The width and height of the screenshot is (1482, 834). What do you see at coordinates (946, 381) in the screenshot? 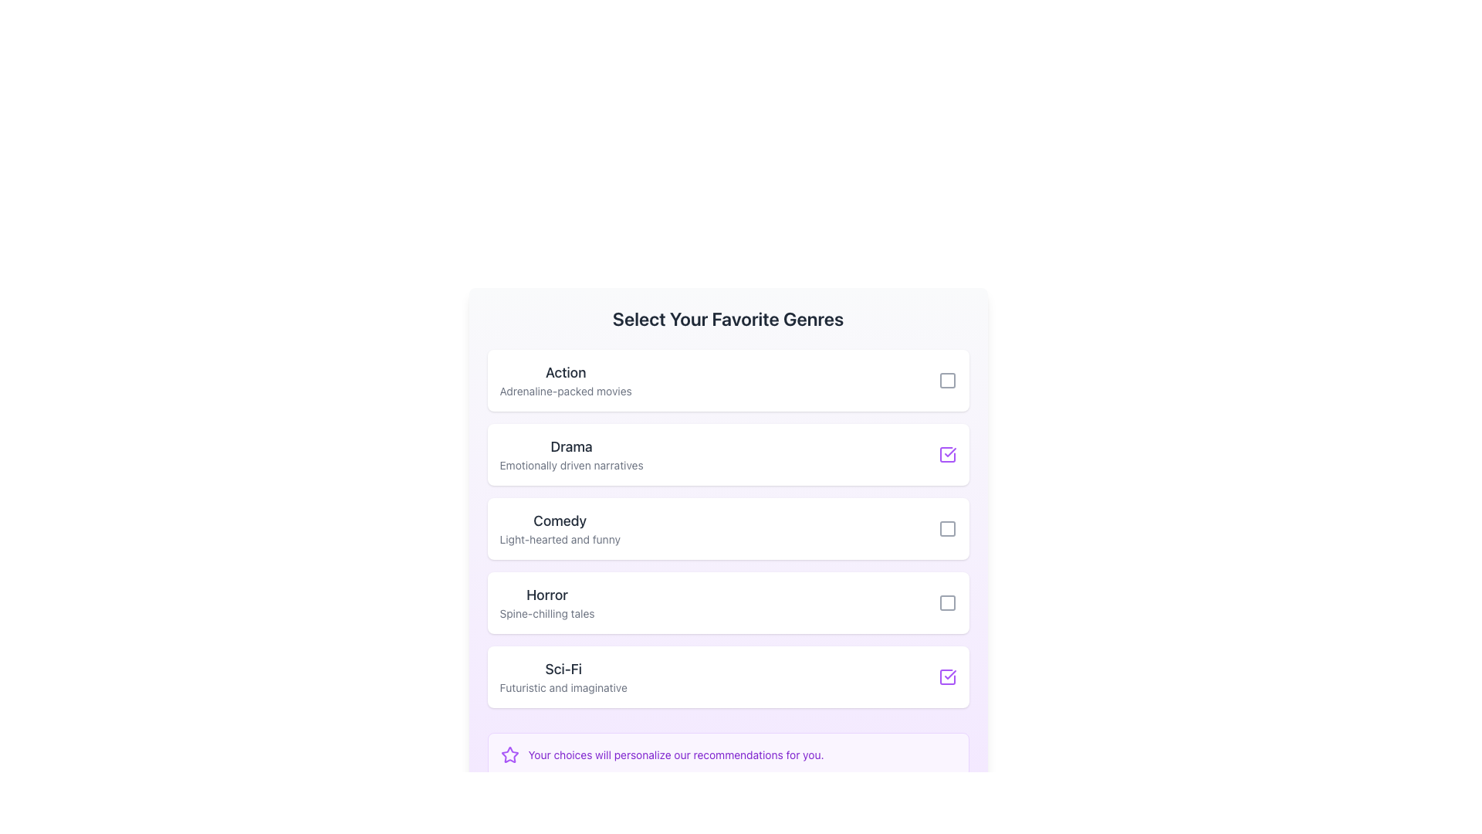
I see `the Checkbox indicator for the 'Action' genre` at bounding box center [946, 381].